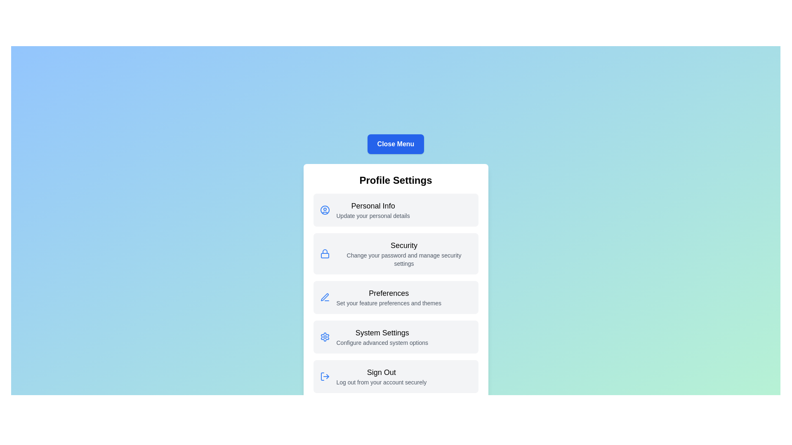 Image resolution: width=792 pixels, height=445 pixels. I want to click on the icon associated with the menu item Sign Out, so click(324, 377).